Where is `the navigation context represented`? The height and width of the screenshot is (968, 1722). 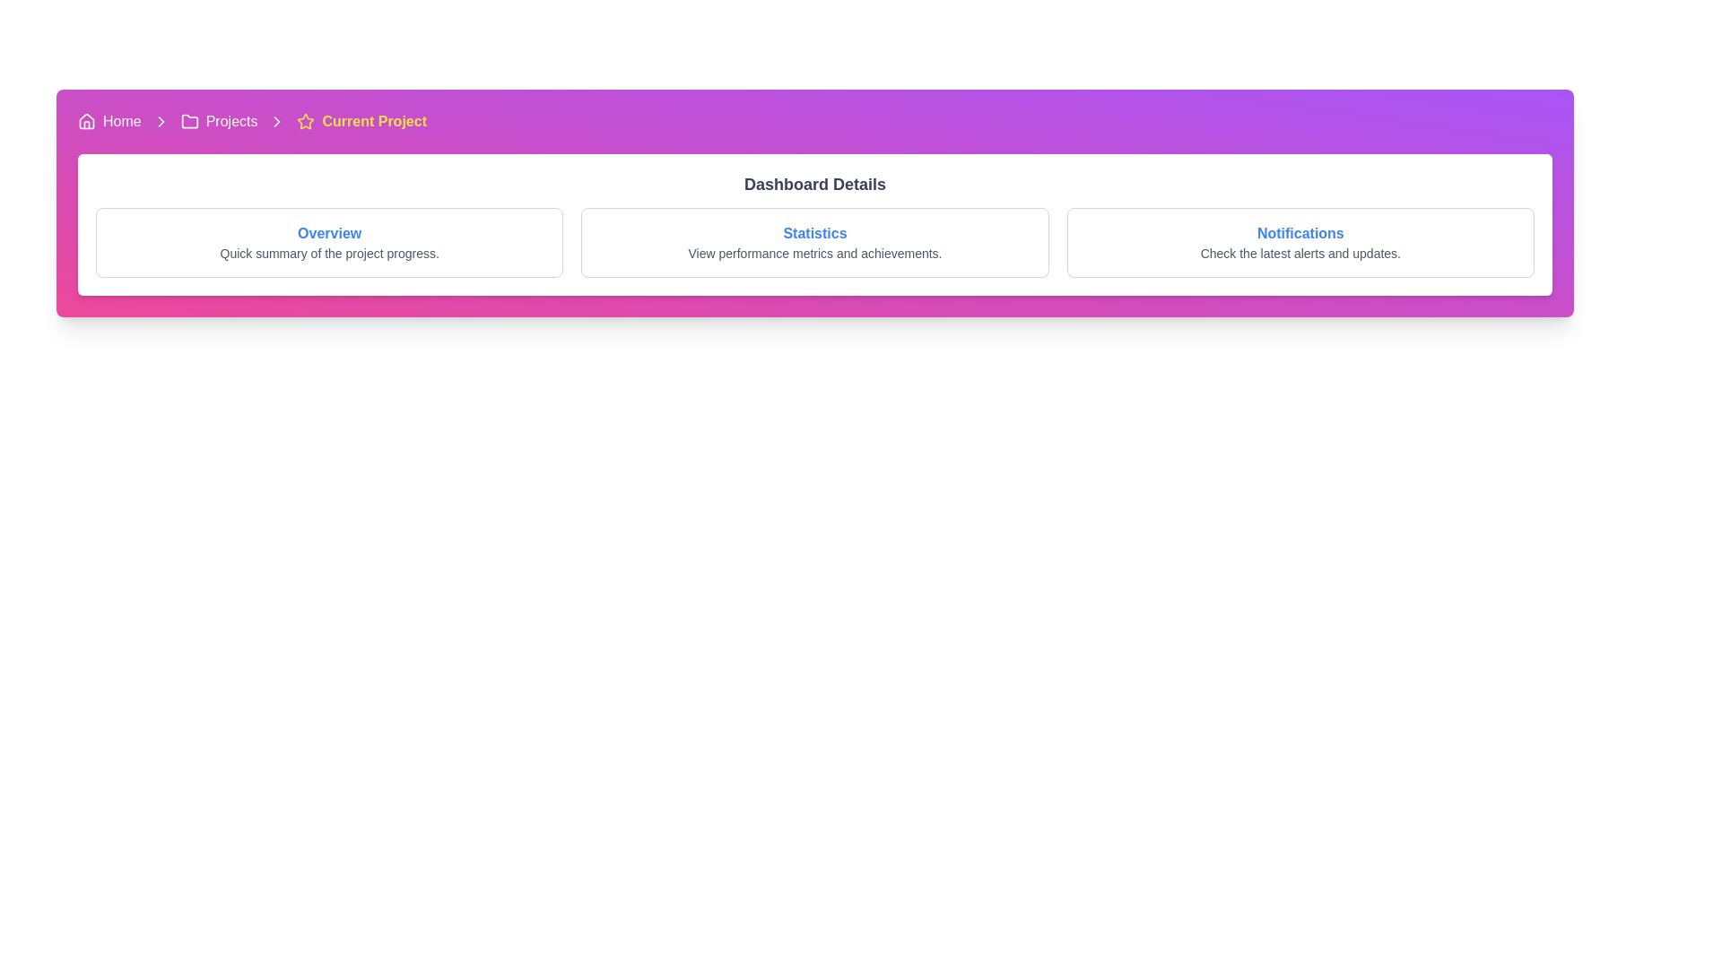 the navigation context represented is located at coordinates (189, 121).